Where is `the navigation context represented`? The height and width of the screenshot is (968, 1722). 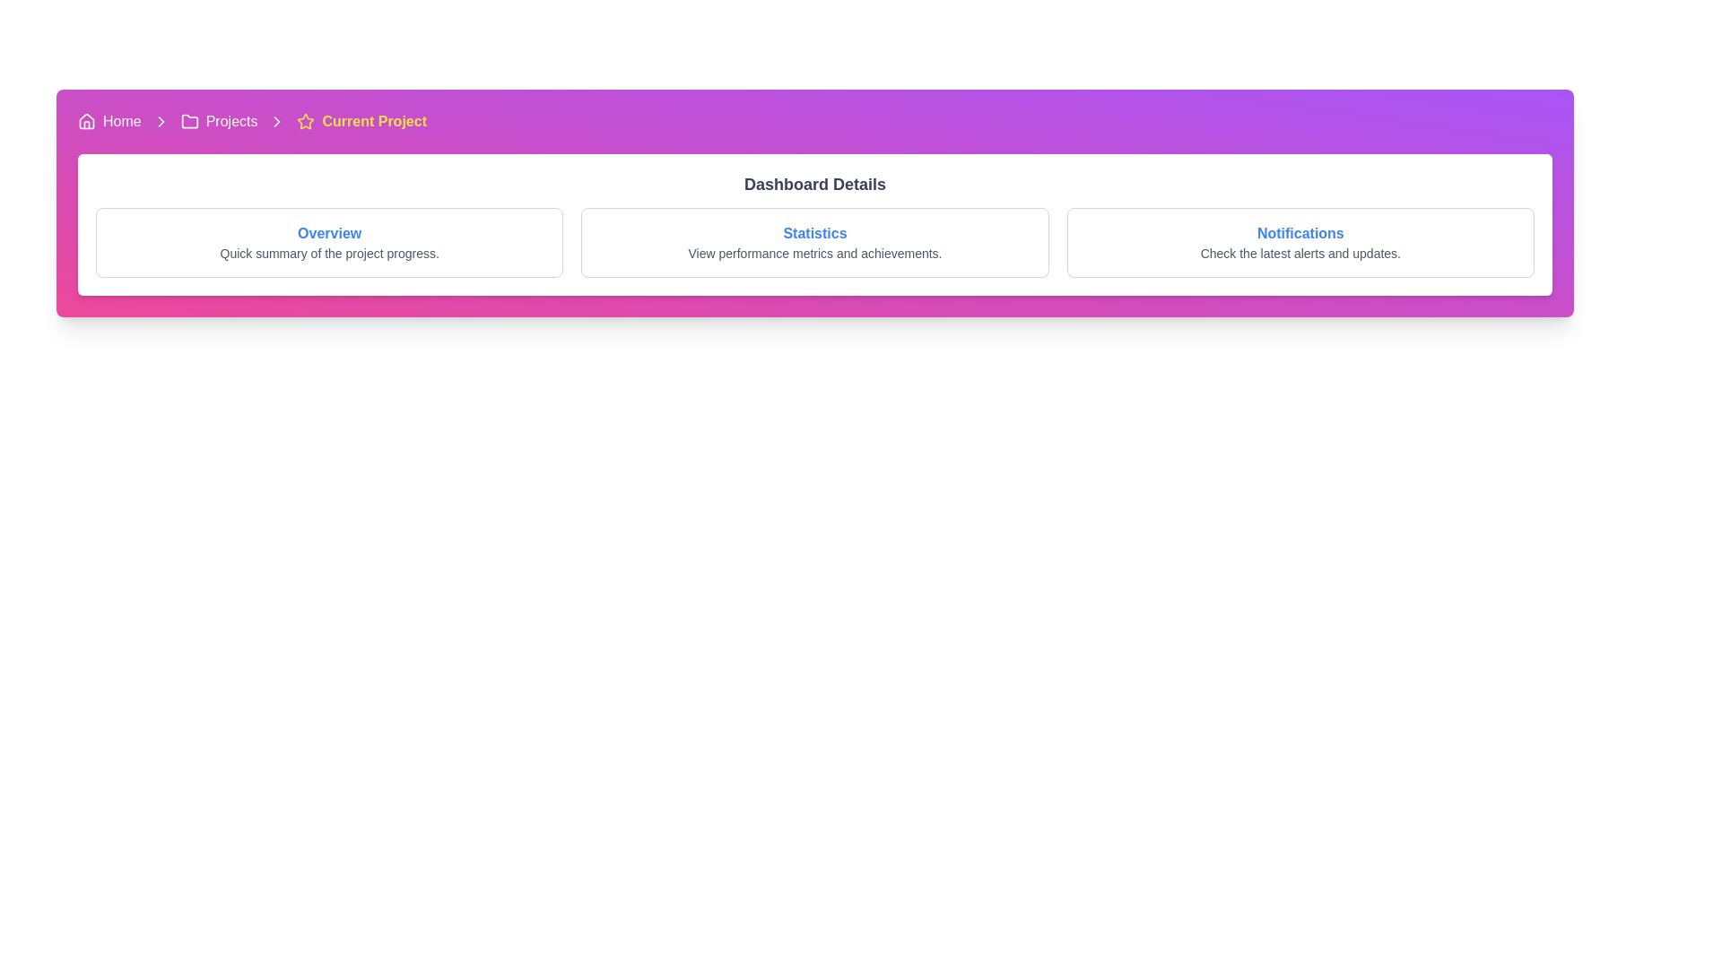 the navigation context represented is located at coordinates (189, 121).